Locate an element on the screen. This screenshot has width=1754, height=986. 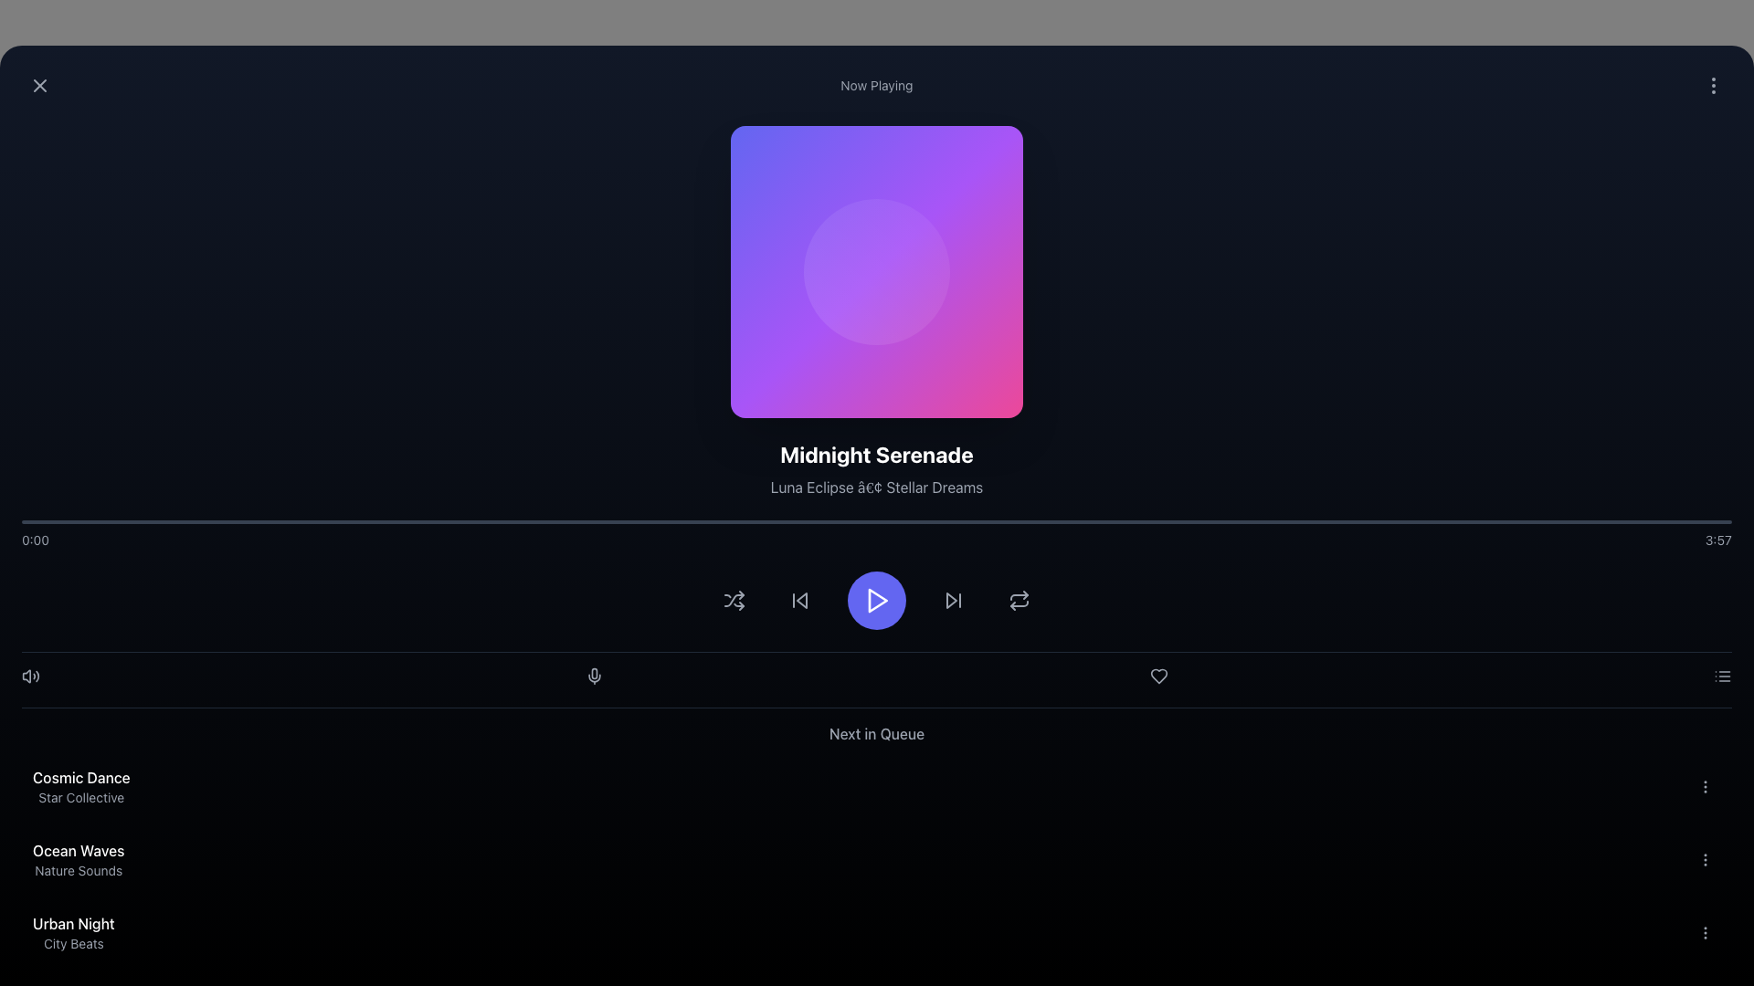
the text label displaying 'Midnight Serenade', which is prominently positioned under a centered image and above another text label is located at coordinates (877, 453).